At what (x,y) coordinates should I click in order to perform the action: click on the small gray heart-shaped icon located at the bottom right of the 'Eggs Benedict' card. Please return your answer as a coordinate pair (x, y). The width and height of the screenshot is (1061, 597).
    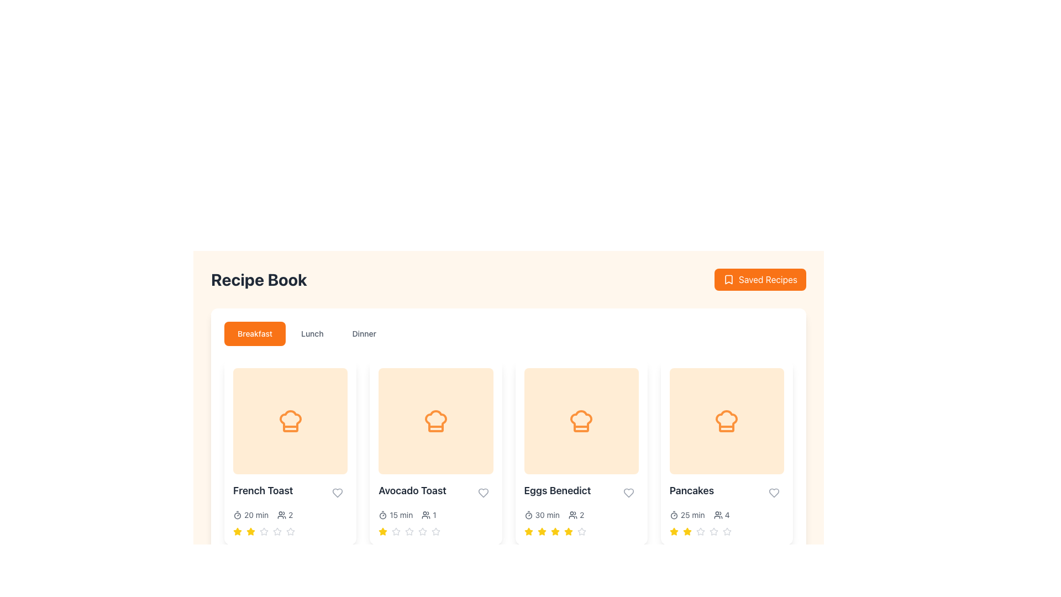
    Looking at the image, I should click on (628, 492).